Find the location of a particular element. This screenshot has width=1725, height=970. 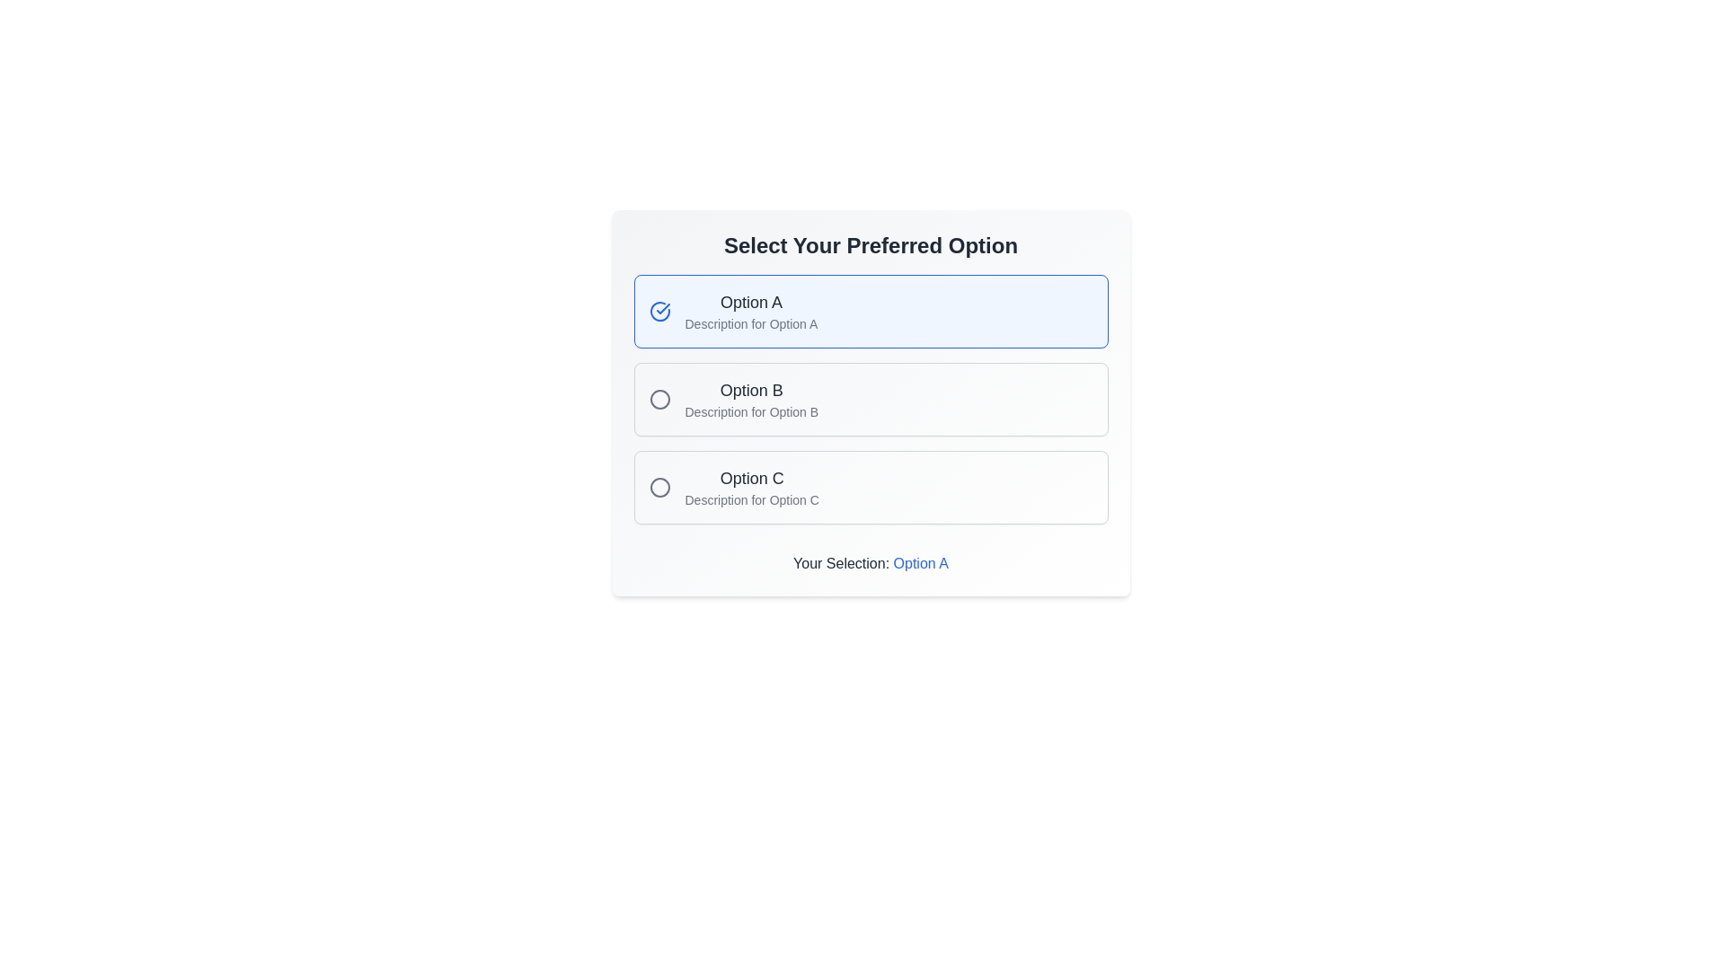

the second selection card labeled 'Option B' is located at coordinates (871, 398).